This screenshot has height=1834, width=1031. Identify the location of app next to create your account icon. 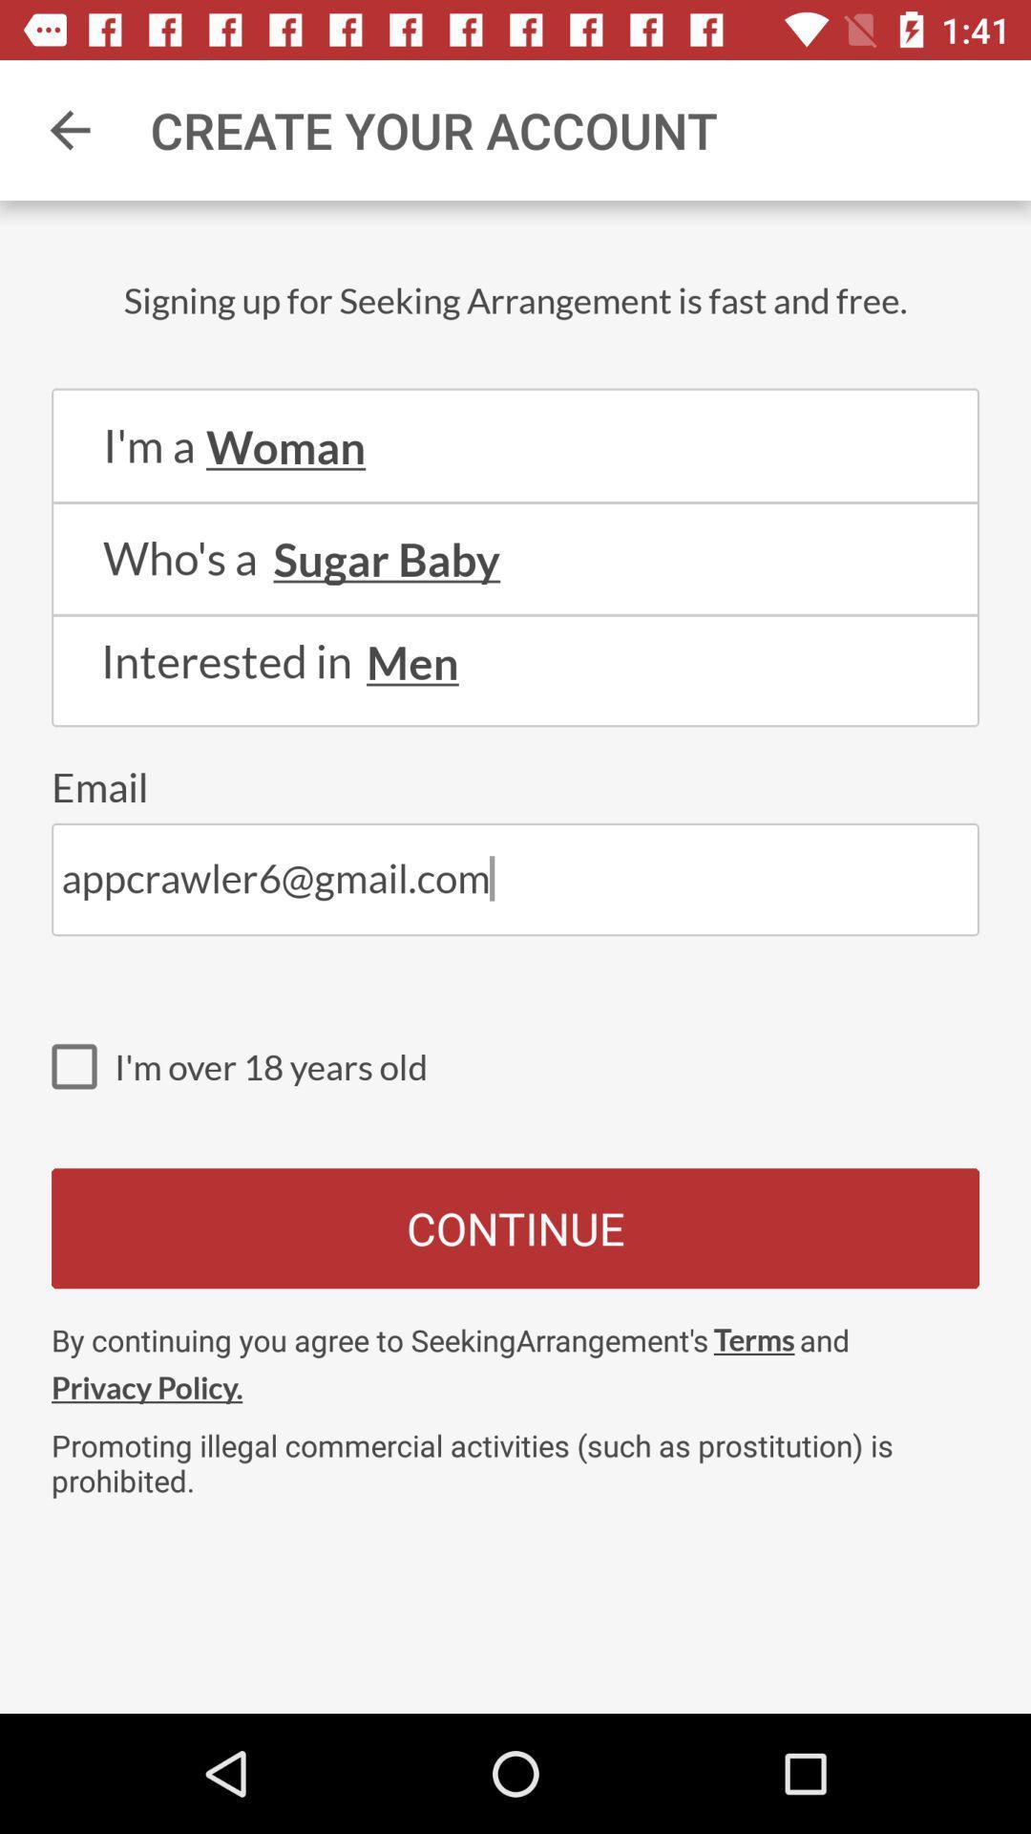
(69, 129).